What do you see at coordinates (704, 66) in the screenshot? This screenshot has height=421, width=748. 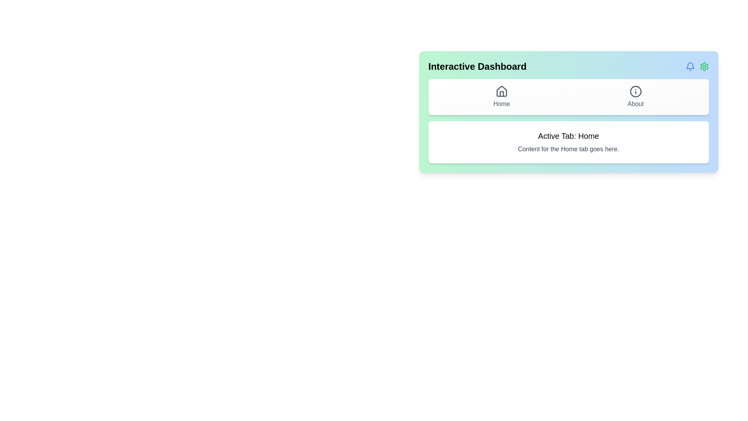 I see `the settings icon located at the far-right of the top bar` at bounding box center [704, 66].